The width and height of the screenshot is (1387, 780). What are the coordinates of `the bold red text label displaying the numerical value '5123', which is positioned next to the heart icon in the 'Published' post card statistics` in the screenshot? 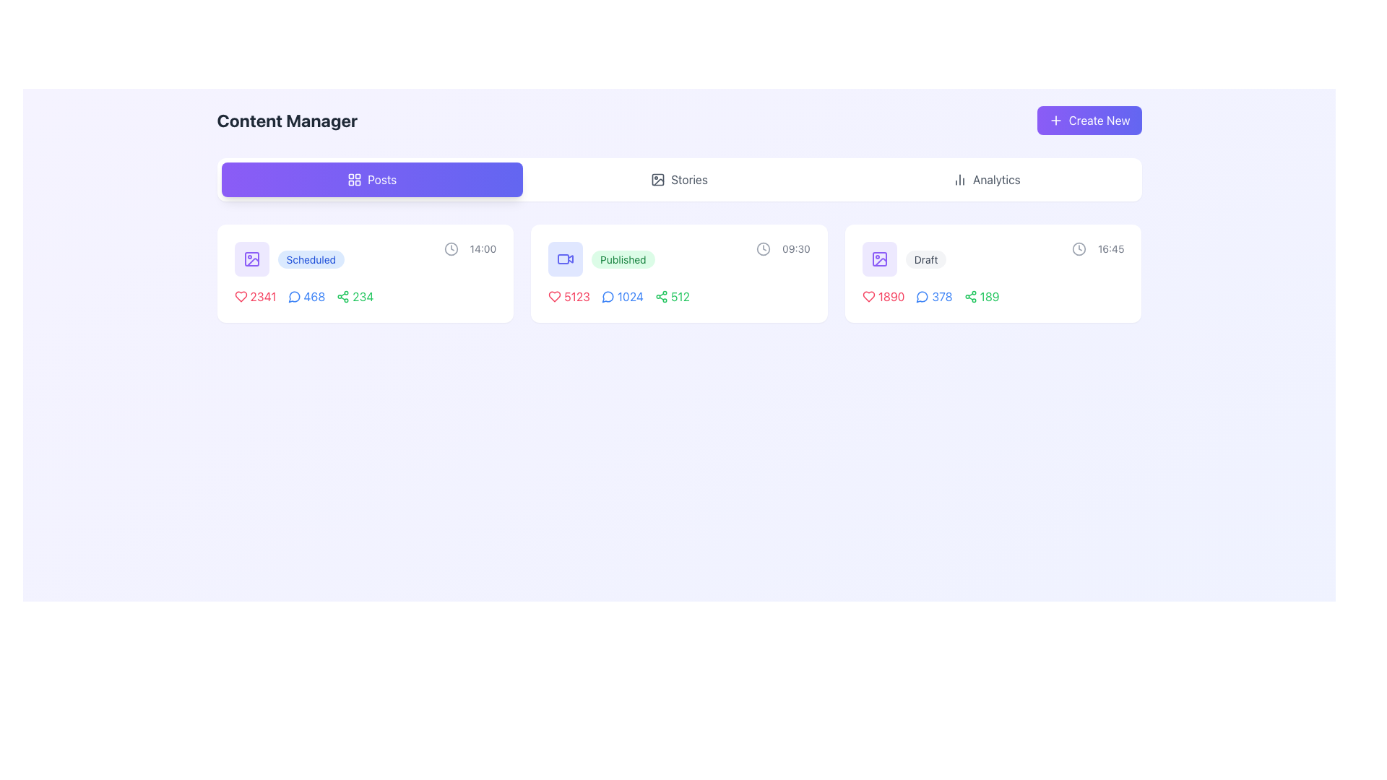 It's located at (576, 296).